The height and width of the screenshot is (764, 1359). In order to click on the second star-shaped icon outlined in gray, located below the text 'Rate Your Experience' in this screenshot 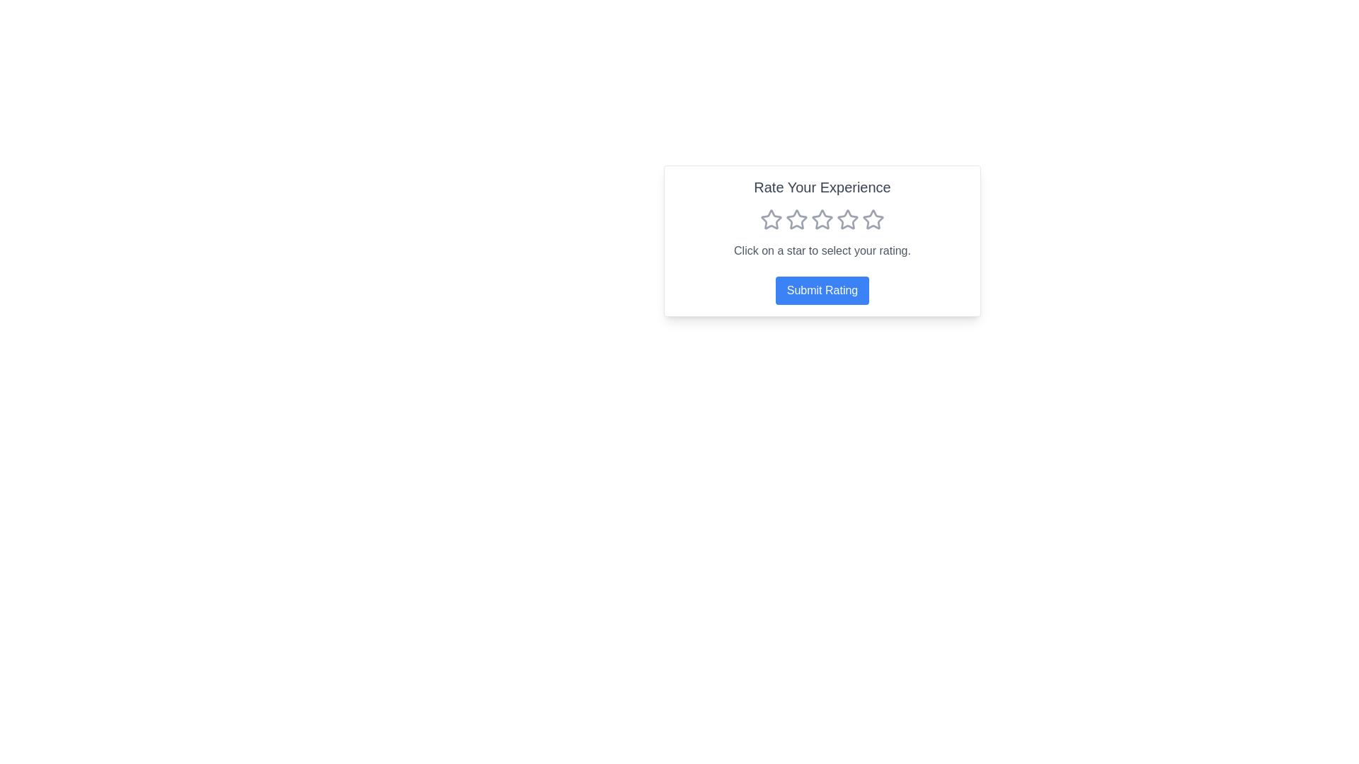, I will do `click(797, 219)`.